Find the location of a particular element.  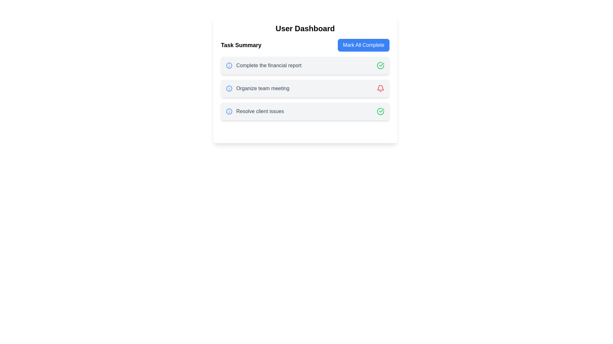

the SVG graphic element indicating 'Resolve client issues' in the task list panel for accessibility features is located at coordinates (229, 111).